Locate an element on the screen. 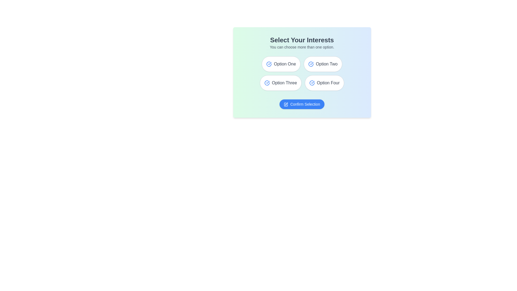 Image resolution: width=517 pixels, height=291 pixels. the option Option Four to observe the hover effect is located at coordinates (324, 83).